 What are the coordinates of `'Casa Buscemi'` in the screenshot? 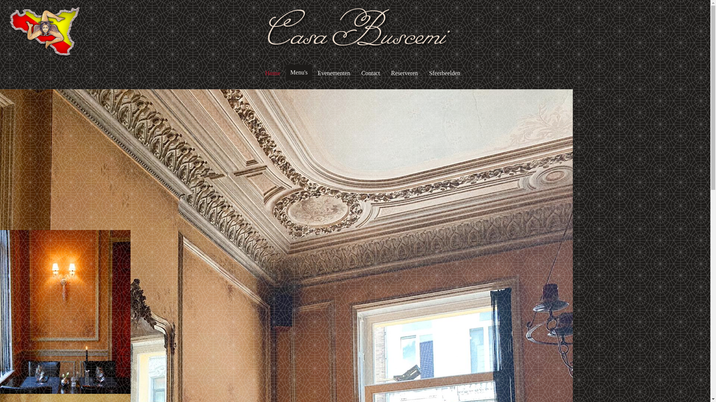 It's located at (265, 32).